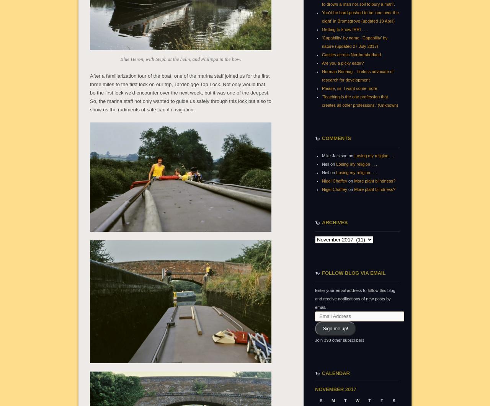 Image resolution: width=490 pixels, height=406 pixels. Describe the element at coordinates (353, 272) in the screenshot. I see `'Follow Blog via Email'` at that location.